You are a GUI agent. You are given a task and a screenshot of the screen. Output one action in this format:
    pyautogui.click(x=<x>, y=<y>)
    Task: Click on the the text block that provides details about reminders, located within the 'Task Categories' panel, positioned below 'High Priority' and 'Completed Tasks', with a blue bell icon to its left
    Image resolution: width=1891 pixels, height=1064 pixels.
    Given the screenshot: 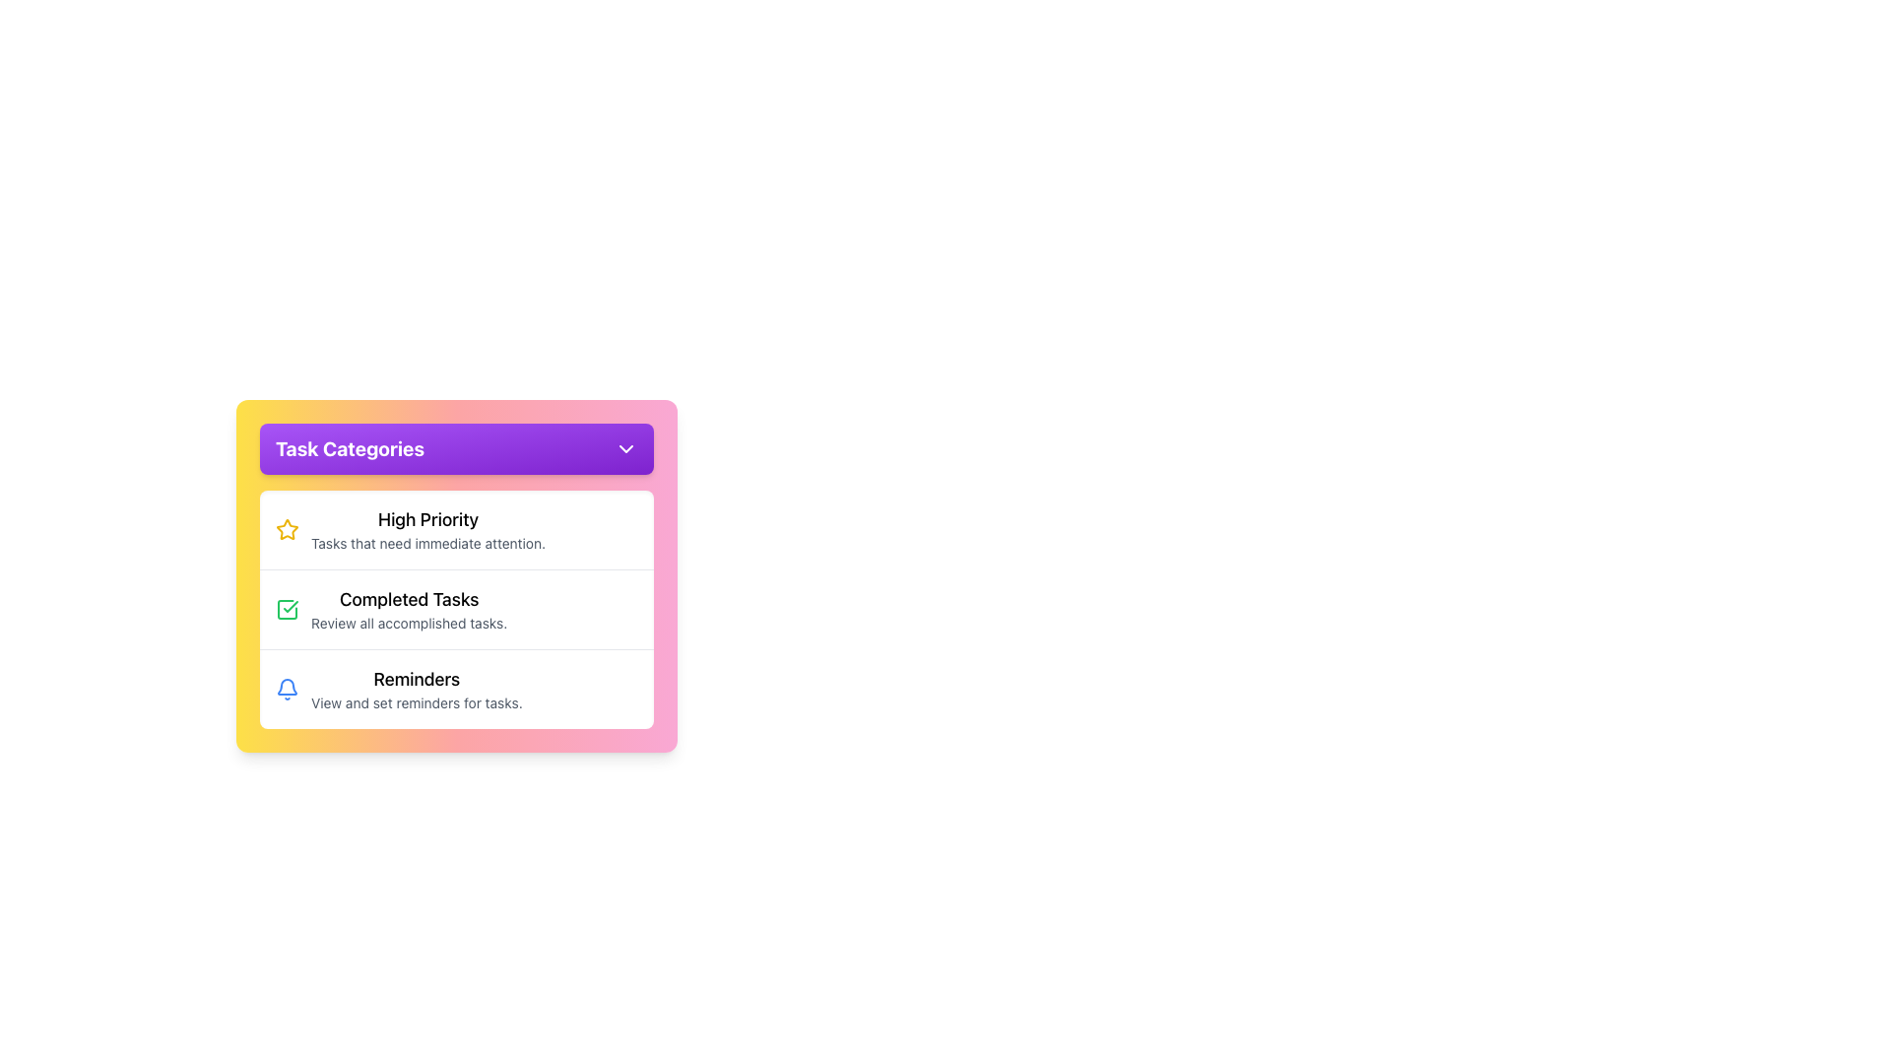 What is the action you would take?
    pyautogui.click(x=416, y=688)
    